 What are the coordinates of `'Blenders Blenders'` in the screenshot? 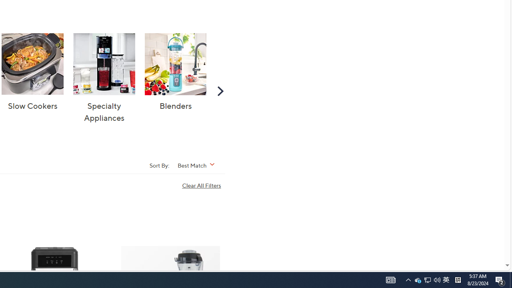 It's located at (175, 72).